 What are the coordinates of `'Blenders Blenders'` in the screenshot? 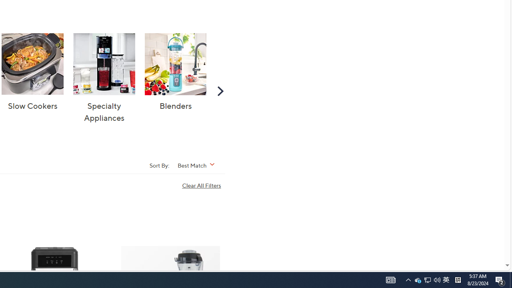 It's located at (175, 72).